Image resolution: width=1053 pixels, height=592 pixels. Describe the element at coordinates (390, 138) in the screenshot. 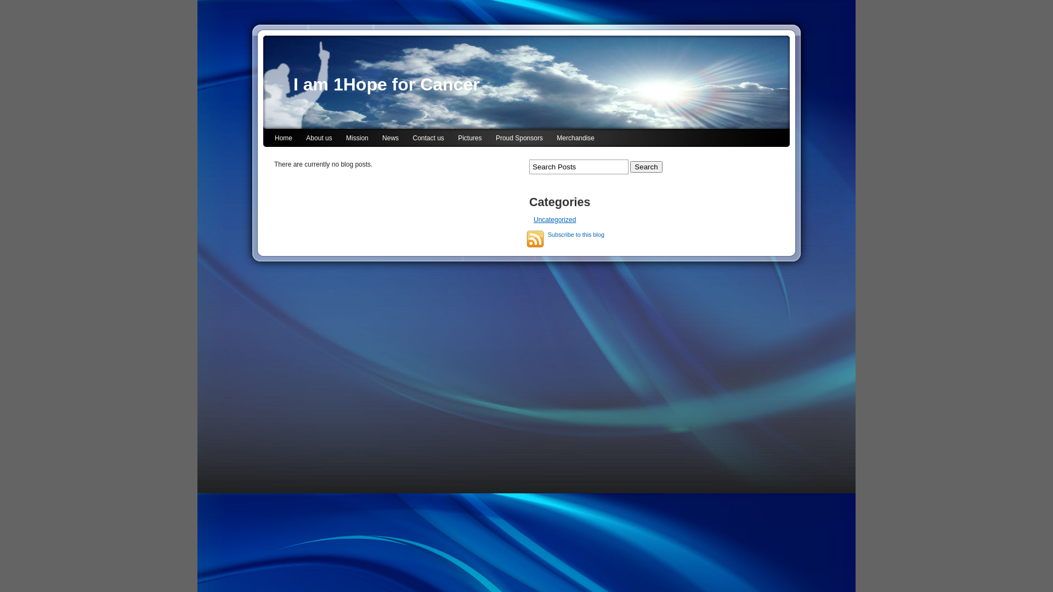

I see `'News'` at that location.